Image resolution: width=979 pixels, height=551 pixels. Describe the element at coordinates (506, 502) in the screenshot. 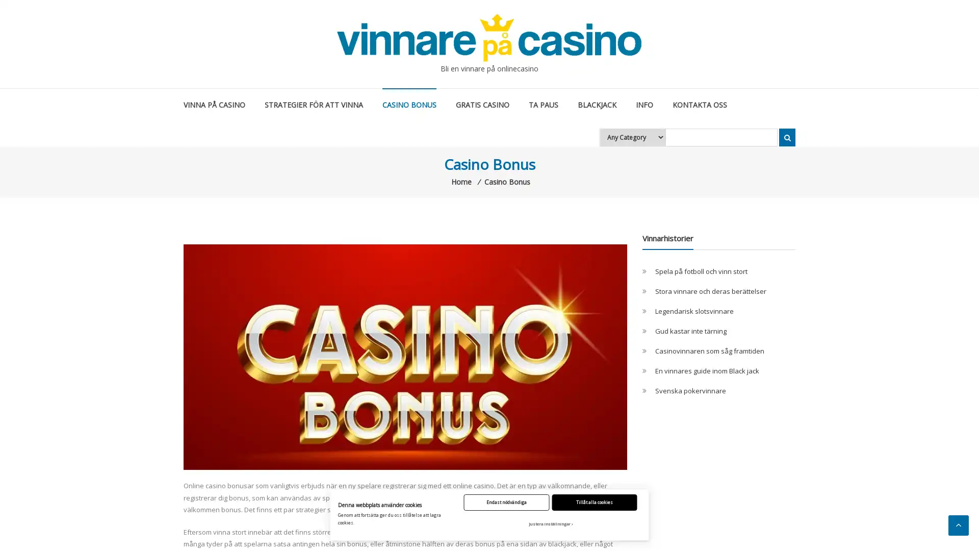

I see `Endast nodvandiga` at that location.